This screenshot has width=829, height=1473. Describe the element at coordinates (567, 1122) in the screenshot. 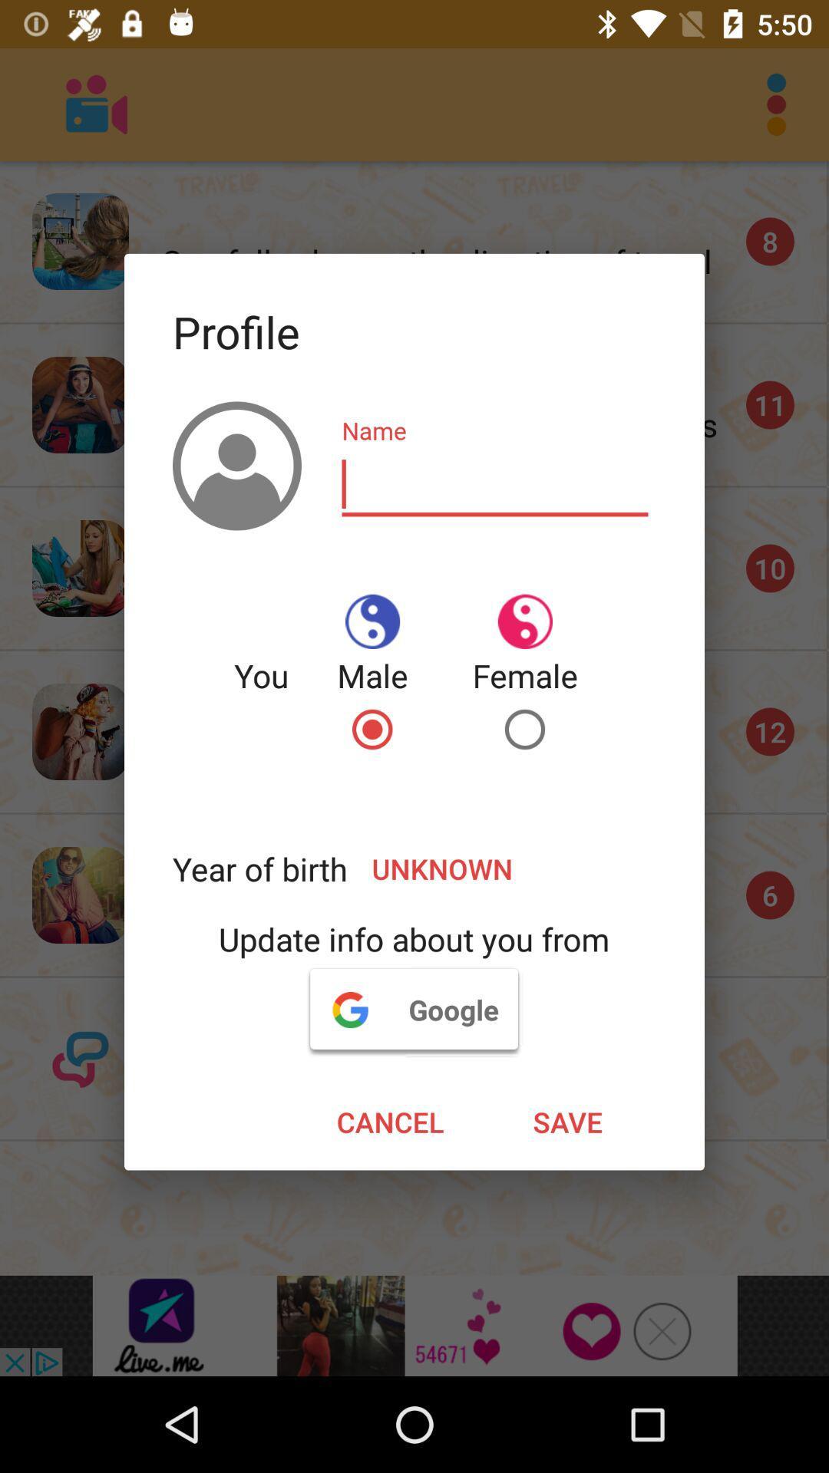

I see `the icon below google` at that location.